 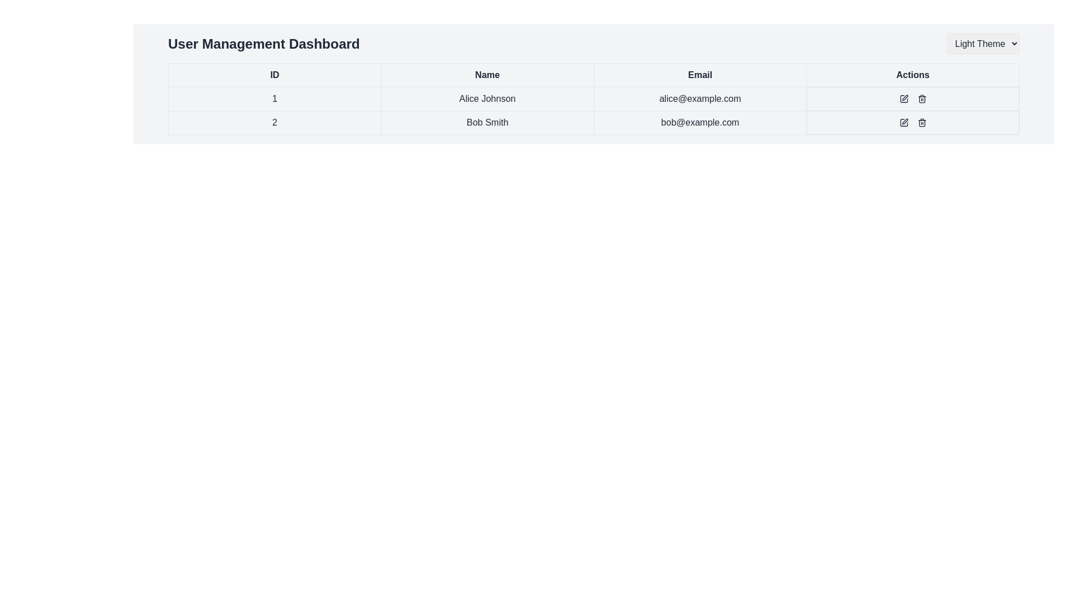 What do you see at coordinates (903, 122) in the screenshot?
I see `the pen icon button in the 'Actions' column of the user management table, located next to the email 'bob@example.com'` at bounding box center [903, 122].